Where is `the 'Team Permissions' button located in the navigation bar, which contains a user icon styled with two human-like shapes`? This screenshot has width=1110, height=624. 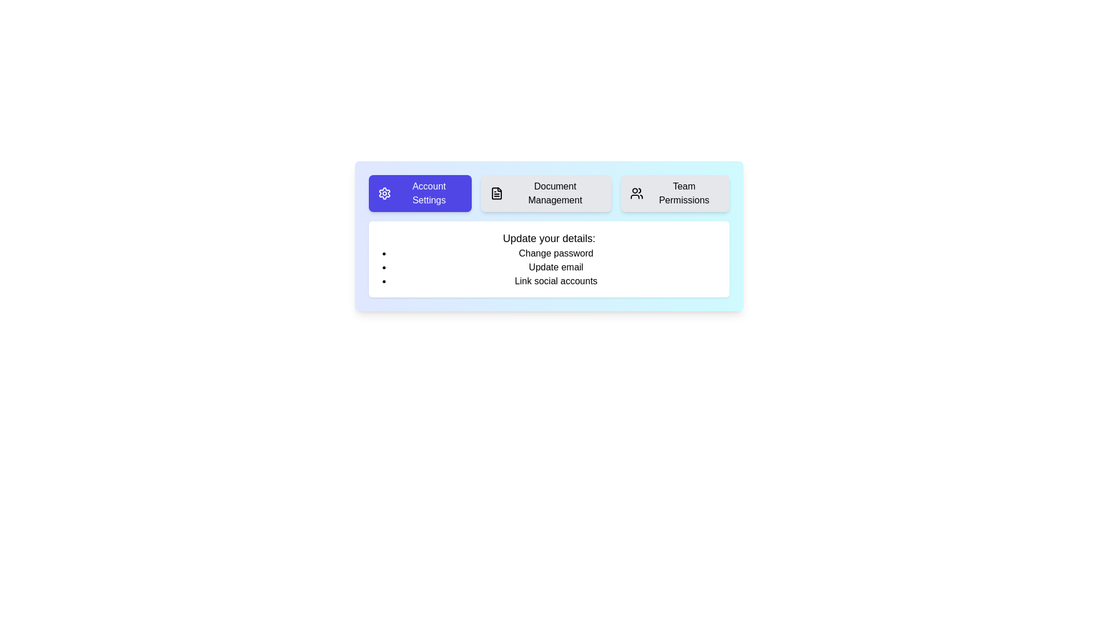 the 'Team Permissions' button located in the navigation bar, which contains a user icon styled with two human-like shapes is located at coordinates (636, 193).